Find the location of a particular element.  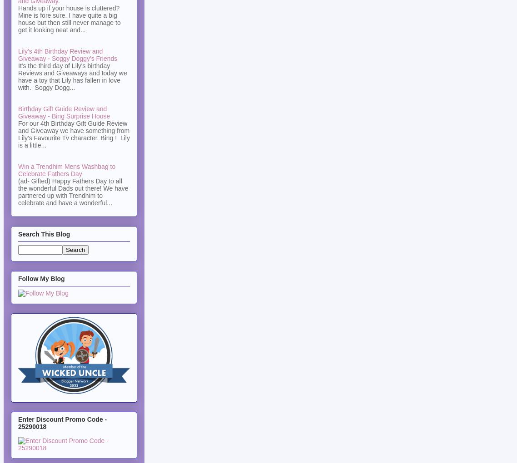

'Follow My Blog' is located at coordinates (41, 278).